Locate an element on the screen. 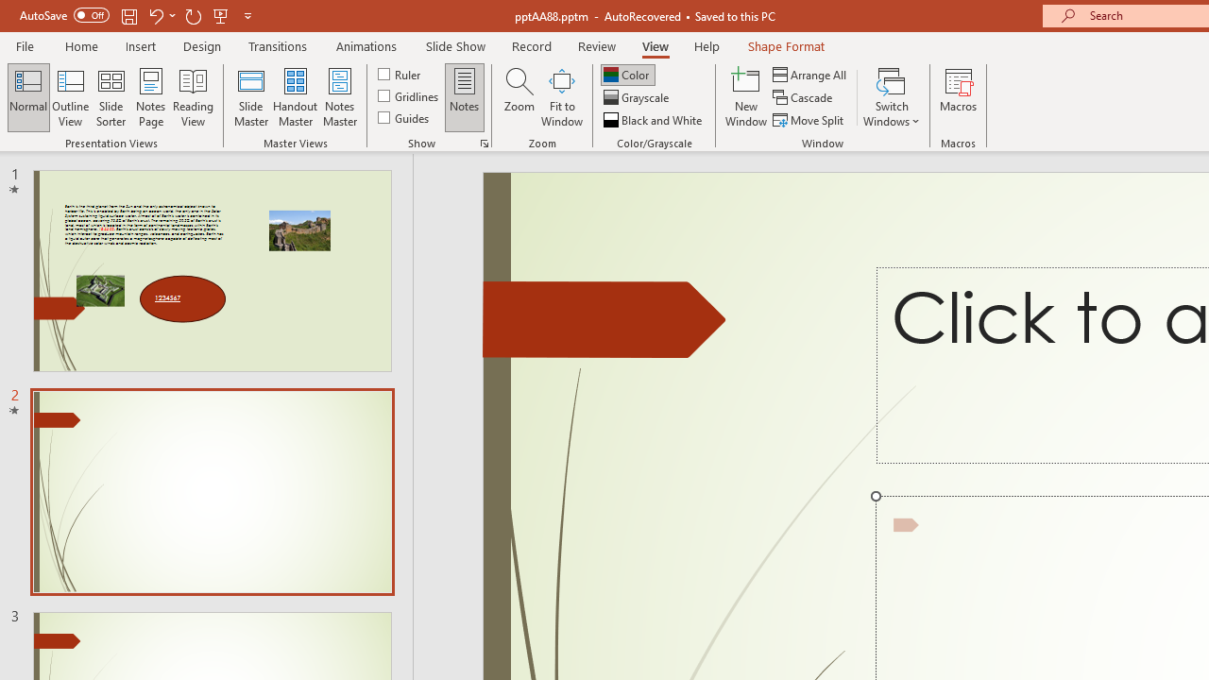 This screenshot has width=1209, height=680. 'Cascade' is located at coordinates (804, 97).